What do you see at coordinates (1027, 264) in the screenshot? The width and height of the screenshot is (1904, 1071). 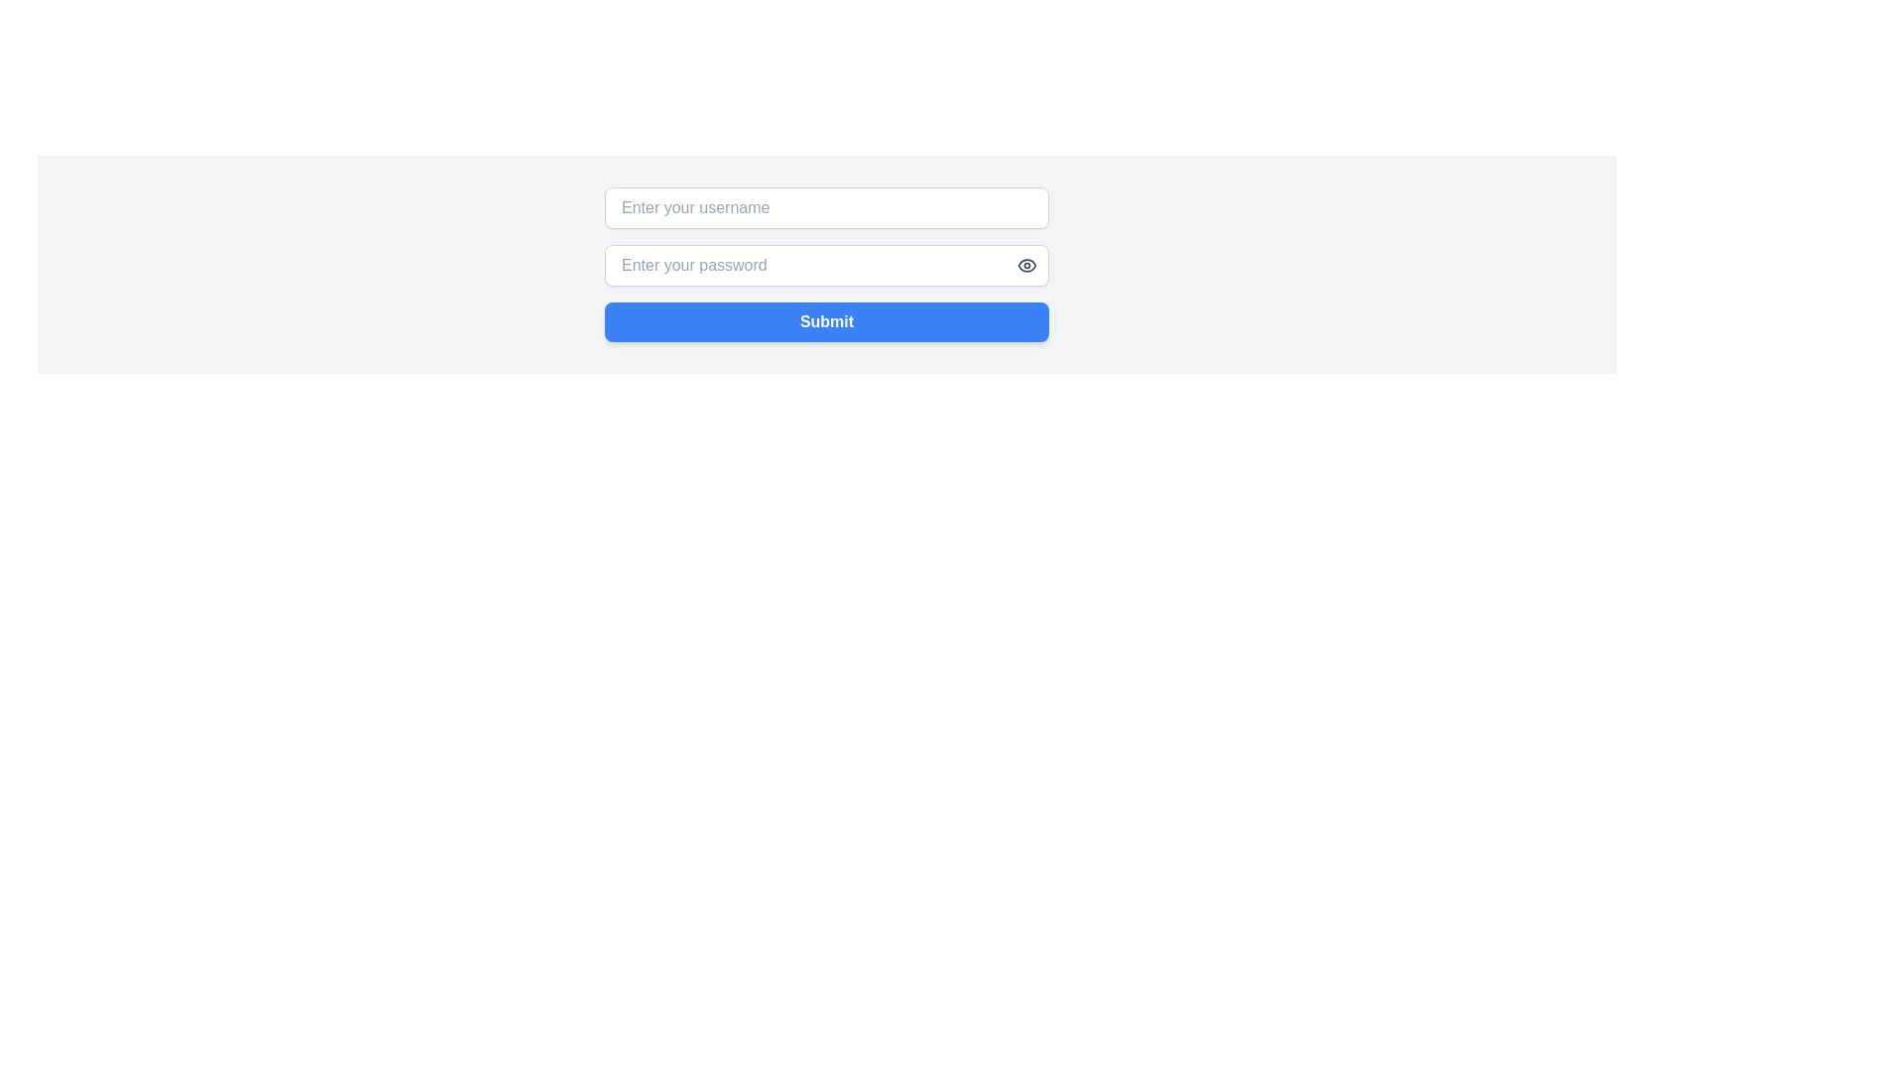 I see `the password visibility toggle icon located towards the right edge of the password input field to check the visual indication of the password visibility state` at bounding box center [1027, 264].